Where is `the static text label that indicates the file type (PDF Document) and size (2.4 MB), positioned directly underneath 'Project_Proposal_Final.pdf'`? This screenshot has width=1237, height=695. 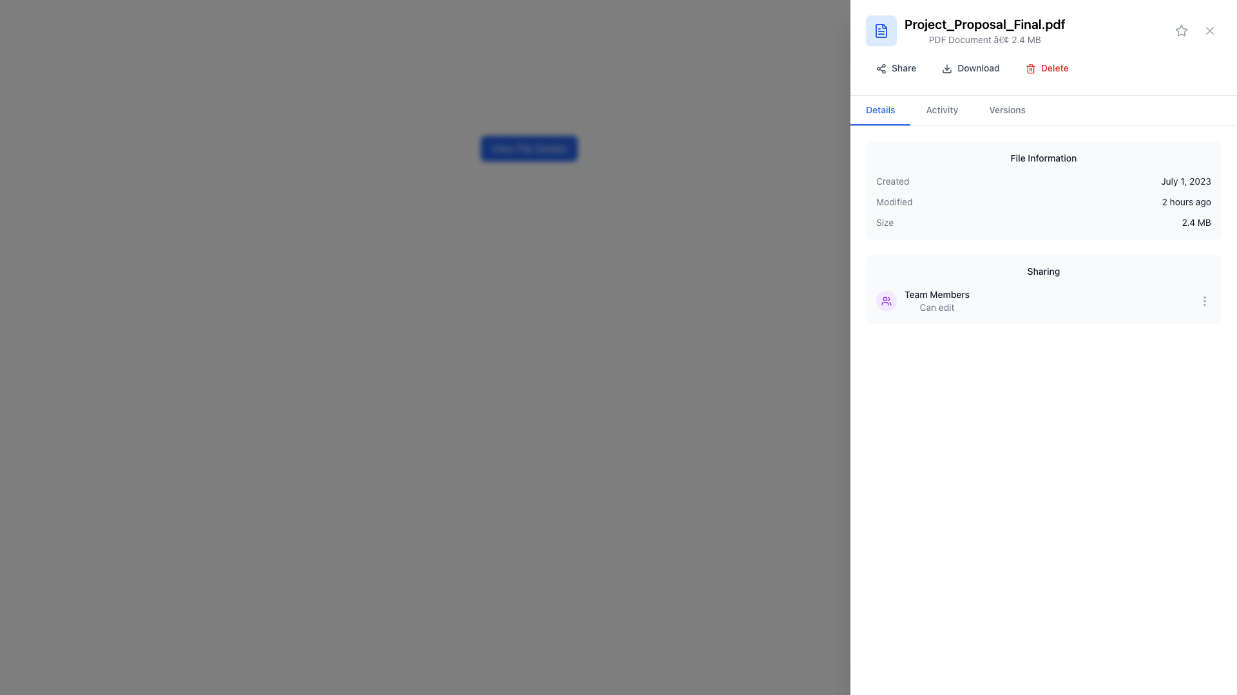 the static text label that indicates the file type (PDF Document) and size (2.4 MB), positioned directly underneath 'Project_Proposal_Final.pdf' is located at coordinates (984, 39).